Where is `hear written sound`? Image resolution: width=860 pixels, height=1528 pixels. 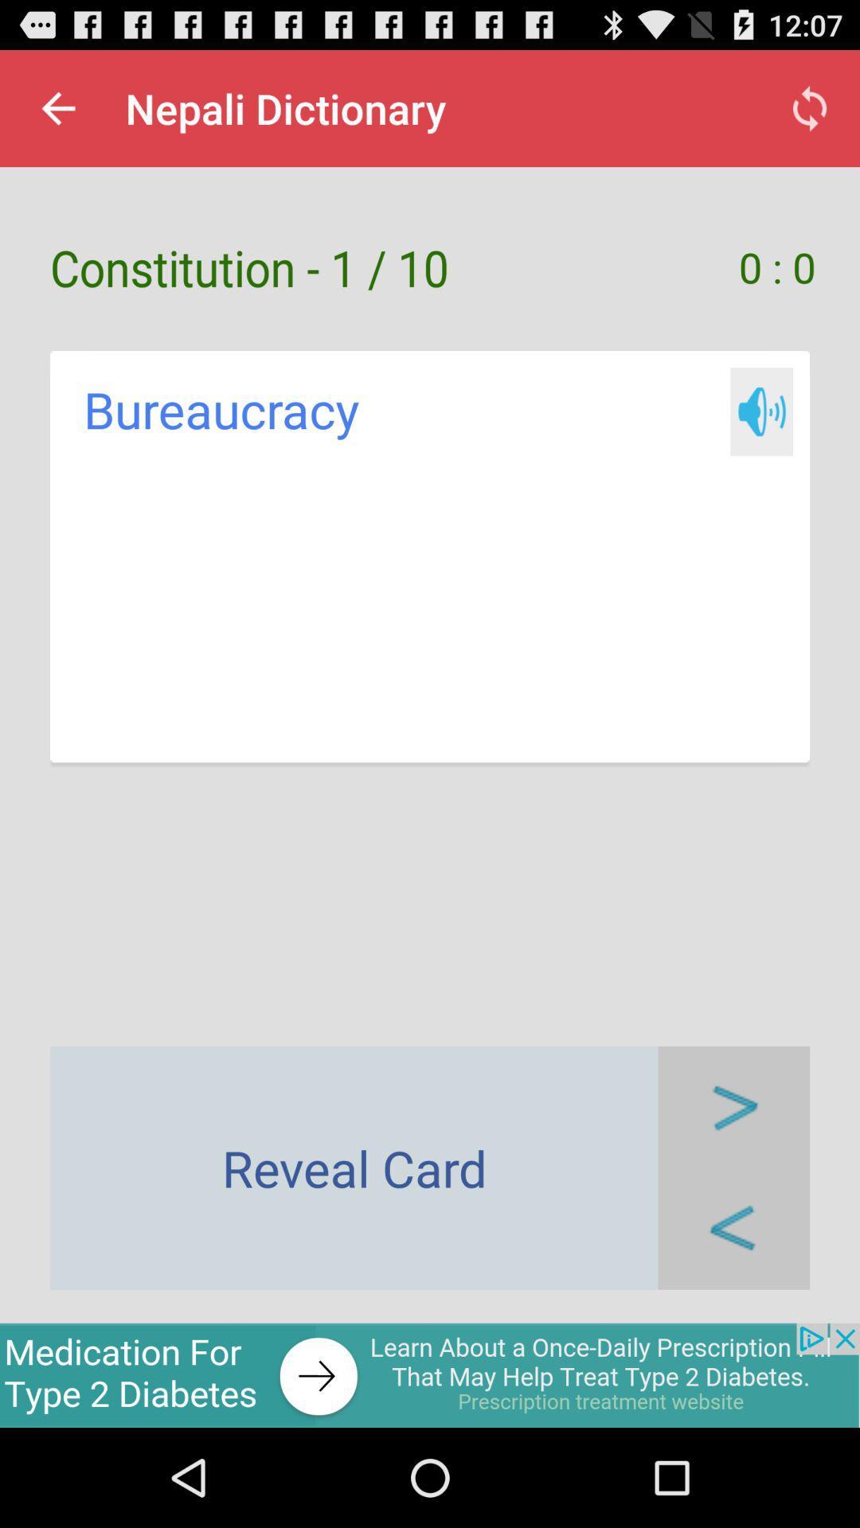
hear written sound is located at coordinates (760, 411).